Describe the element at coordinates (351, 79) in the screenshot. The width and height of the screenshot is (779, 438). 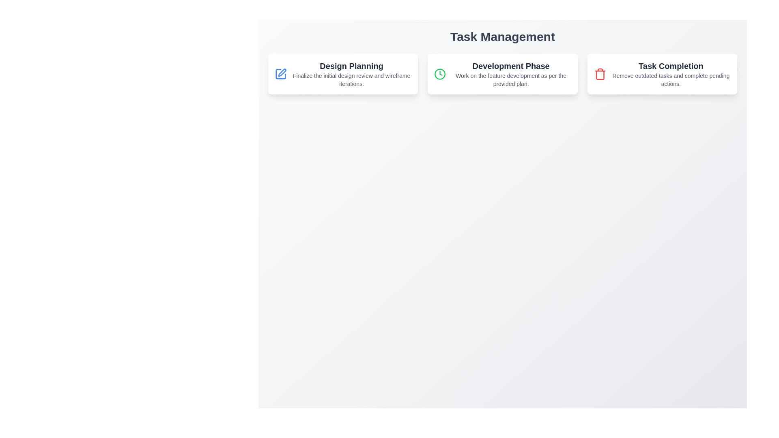
I see `the text element that provides details of the task associated with the 'Design Planning' phase, which is centered horizontally within the first panel titled 'Design Planning.'` at that location.